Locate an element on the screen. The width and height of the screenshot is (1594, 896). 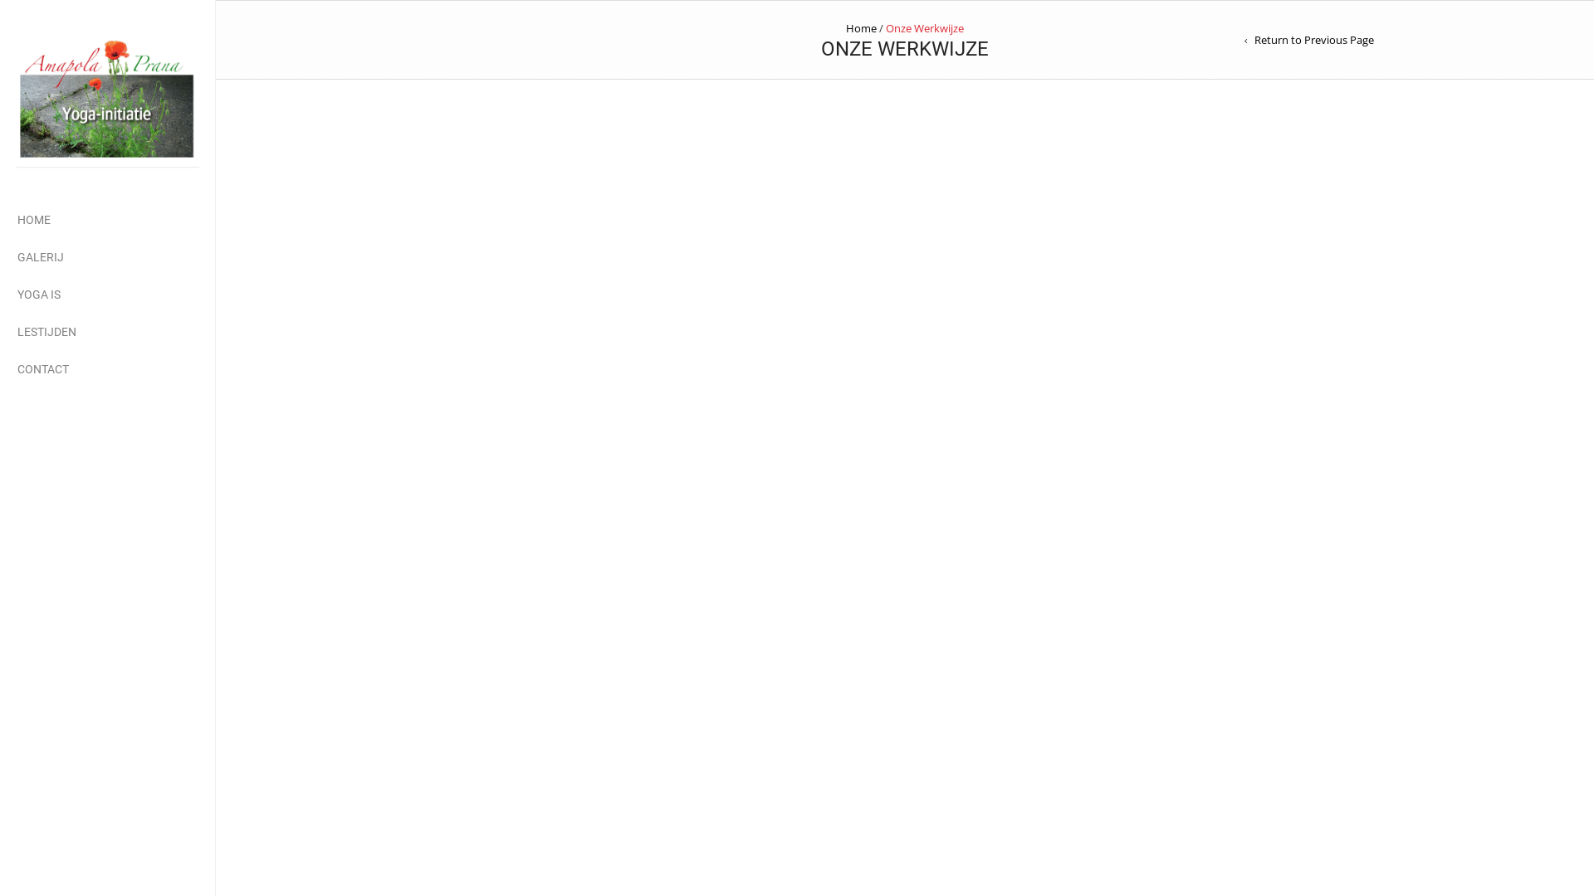
'CONTACT' is located at coordinates (43, 368).